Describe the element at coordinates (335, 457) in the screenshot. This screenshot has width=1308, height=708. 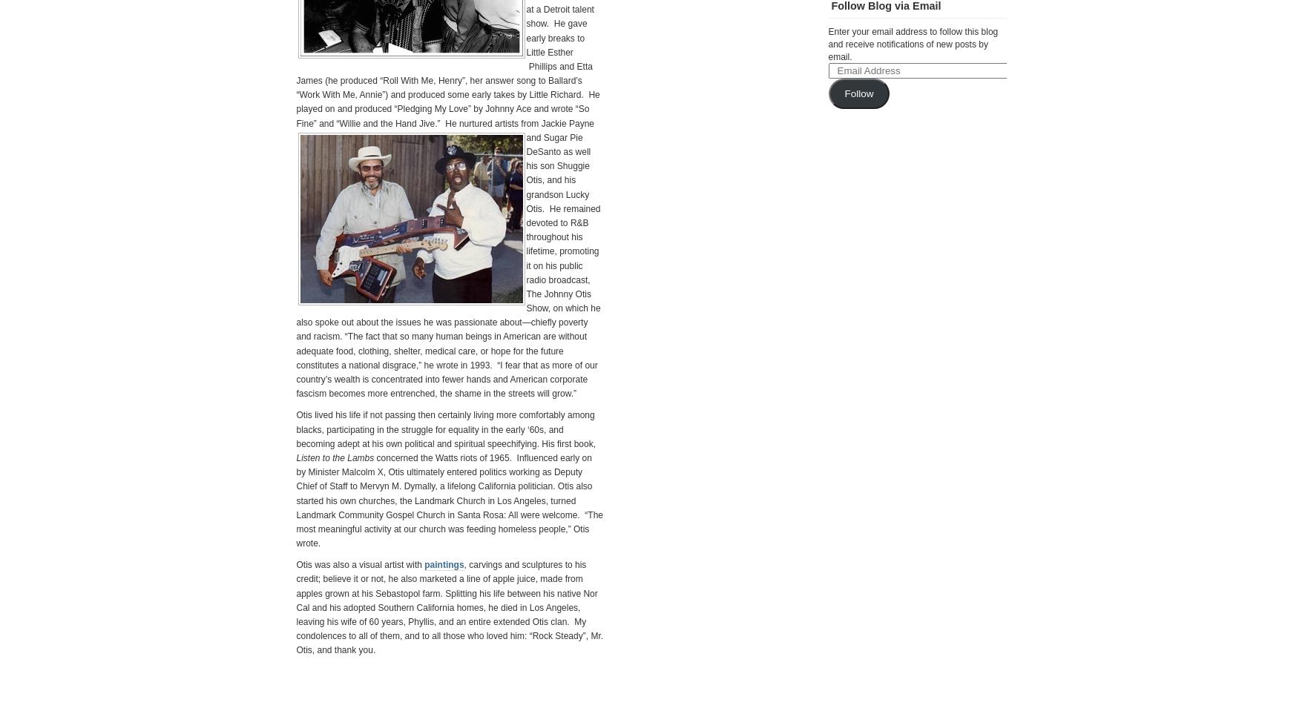
I see `'Listen to the Lambs'` at that location.